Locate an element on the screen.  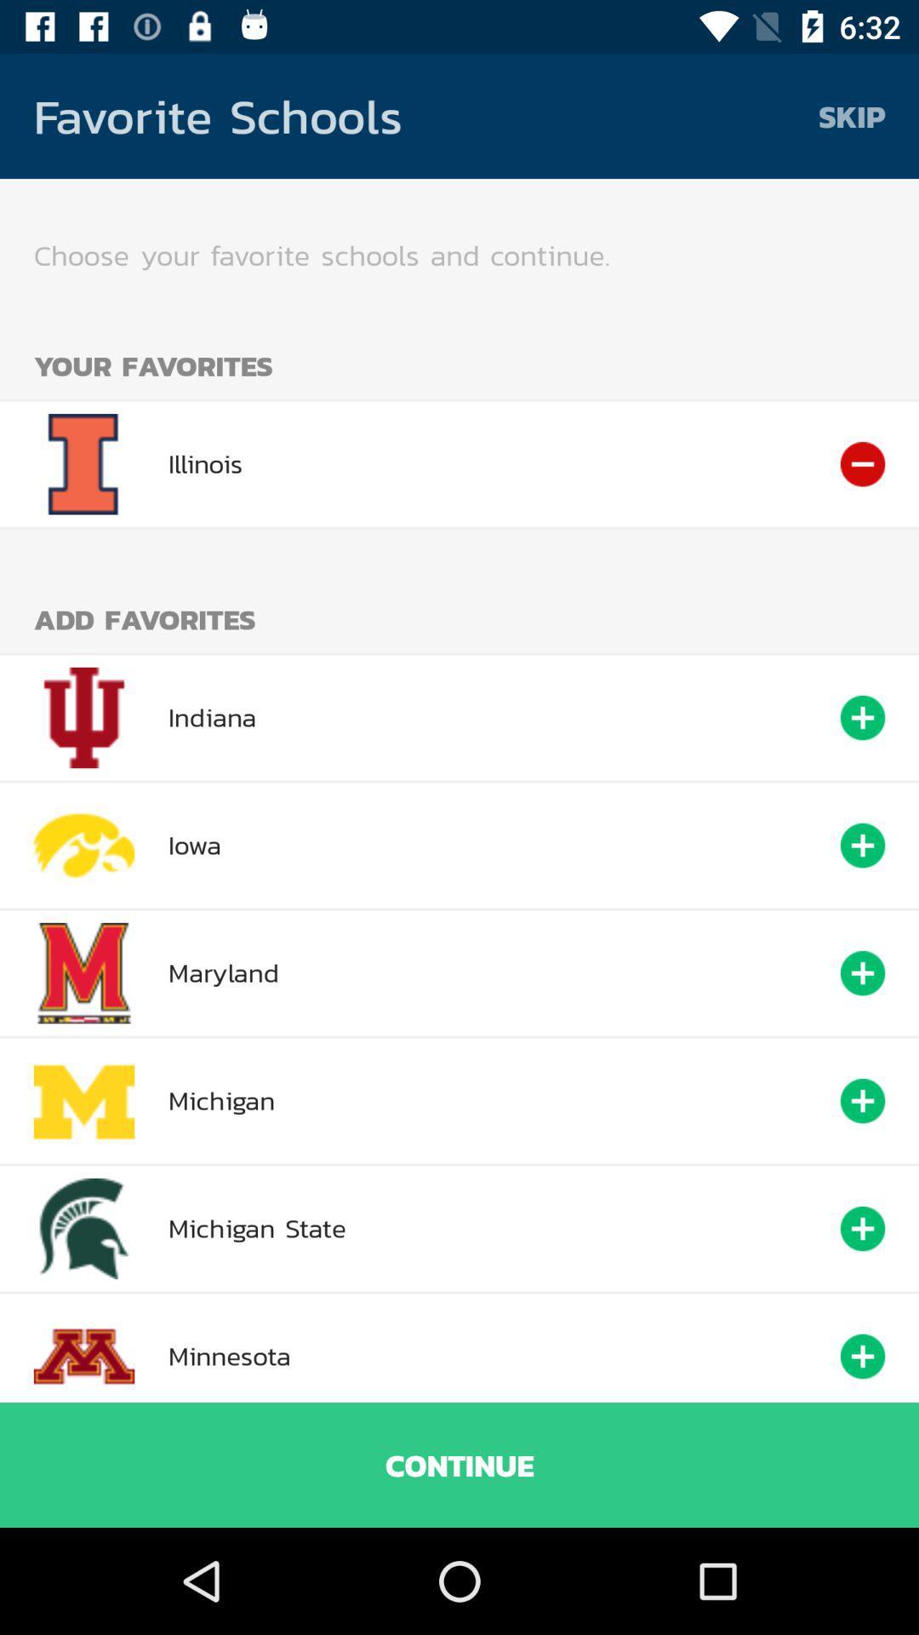
the item above choose your favorite item is located at coordinates (852, 115).